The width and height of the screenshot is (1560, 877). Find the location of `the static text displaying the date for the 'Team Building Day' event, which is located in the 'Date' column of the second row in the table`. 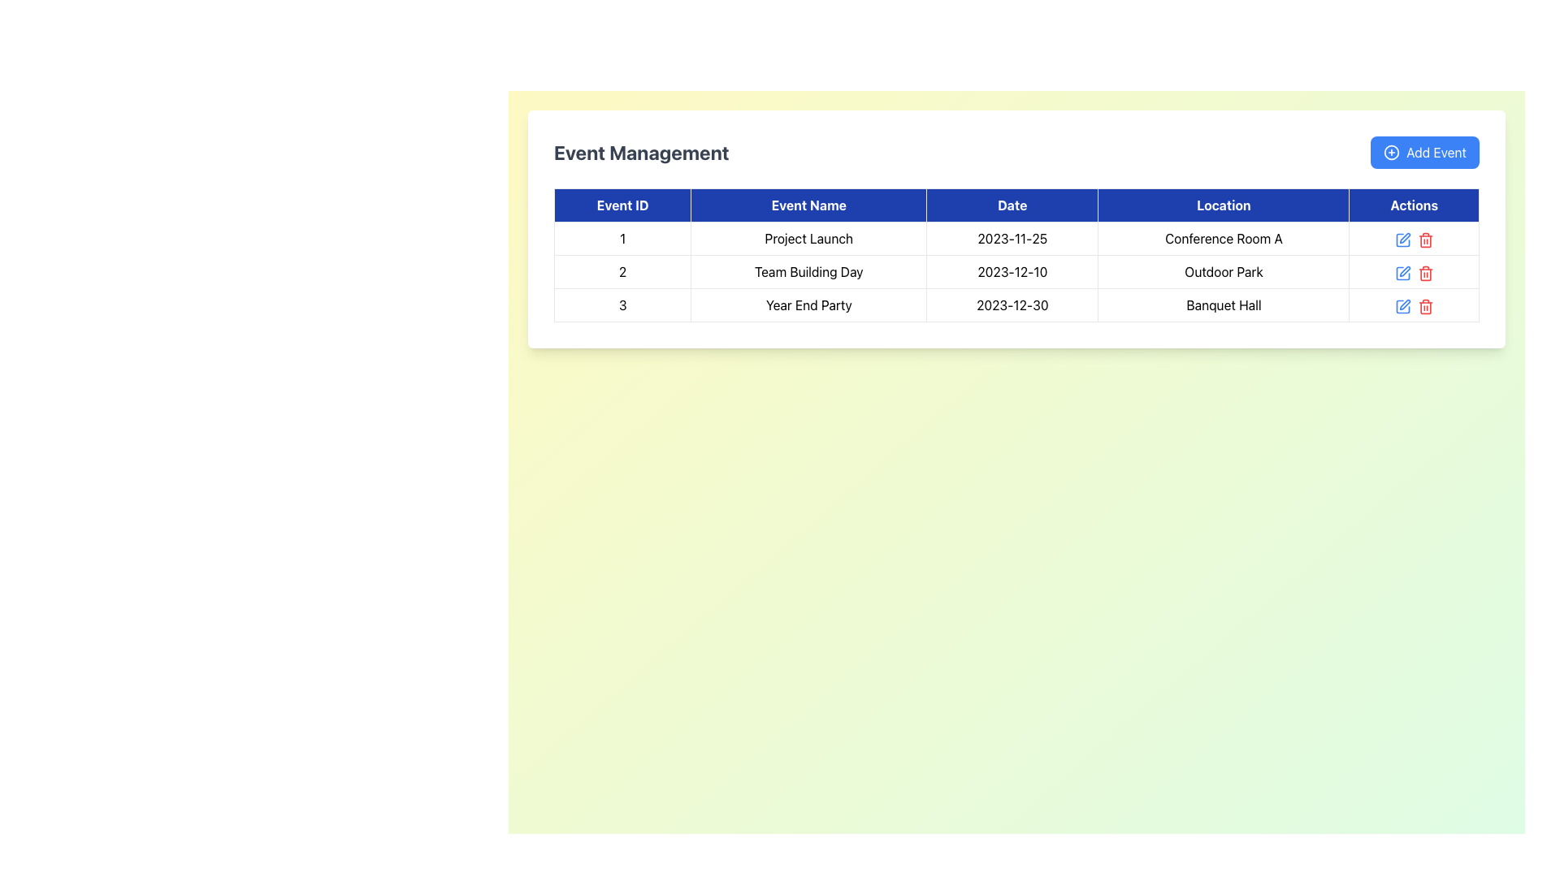

the static text displaying the date for the 'Team Building Day' event, which is located in the 'Date' column of the second row in the table is located at coordinates (1012, 271).